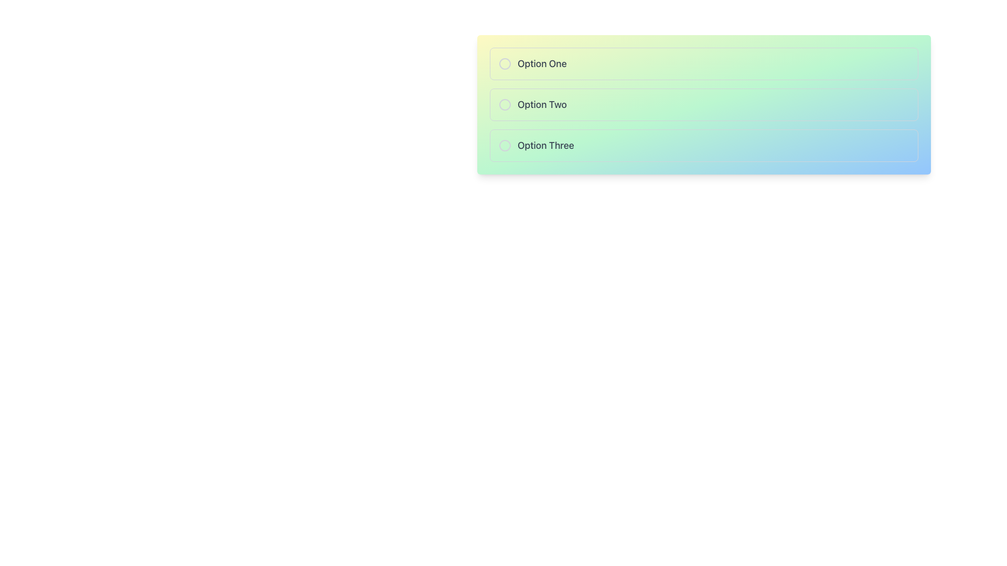  Describe the element at coordinates (704, 64) in the screenshot. I see `the first selectable item element labeled 'Option One' in the radio button group` at that location.